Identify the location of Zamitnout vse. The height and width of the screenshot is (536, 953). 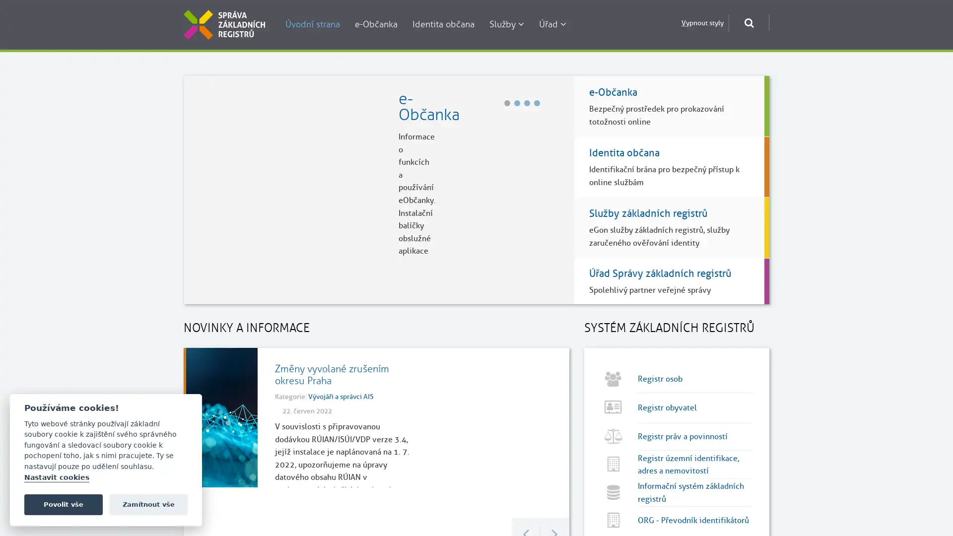
(147, 504).